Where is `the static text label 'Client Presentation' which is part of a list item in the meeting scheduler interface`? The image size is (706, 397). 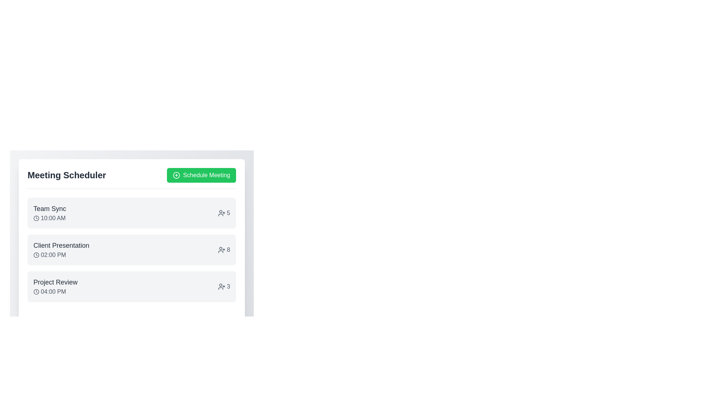 the static text label 'Client Presentation' which is part of a list item in the meeting scheduler interface is located at coordinates (61, 245).